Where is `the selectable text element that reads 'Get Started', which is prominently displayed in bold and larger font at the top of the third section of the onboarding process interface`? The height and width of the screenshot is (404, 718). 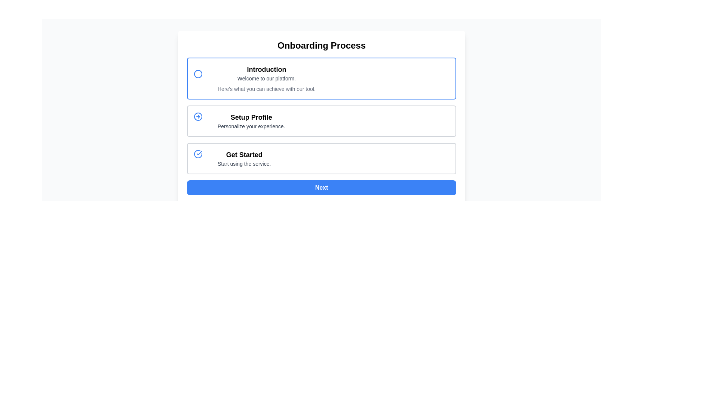
the selectable text element that reads 'Get Started', which is prominently displayed in bold and larger font at the top of the third section of the onboarding process interface is located at coordinates (244, 154).